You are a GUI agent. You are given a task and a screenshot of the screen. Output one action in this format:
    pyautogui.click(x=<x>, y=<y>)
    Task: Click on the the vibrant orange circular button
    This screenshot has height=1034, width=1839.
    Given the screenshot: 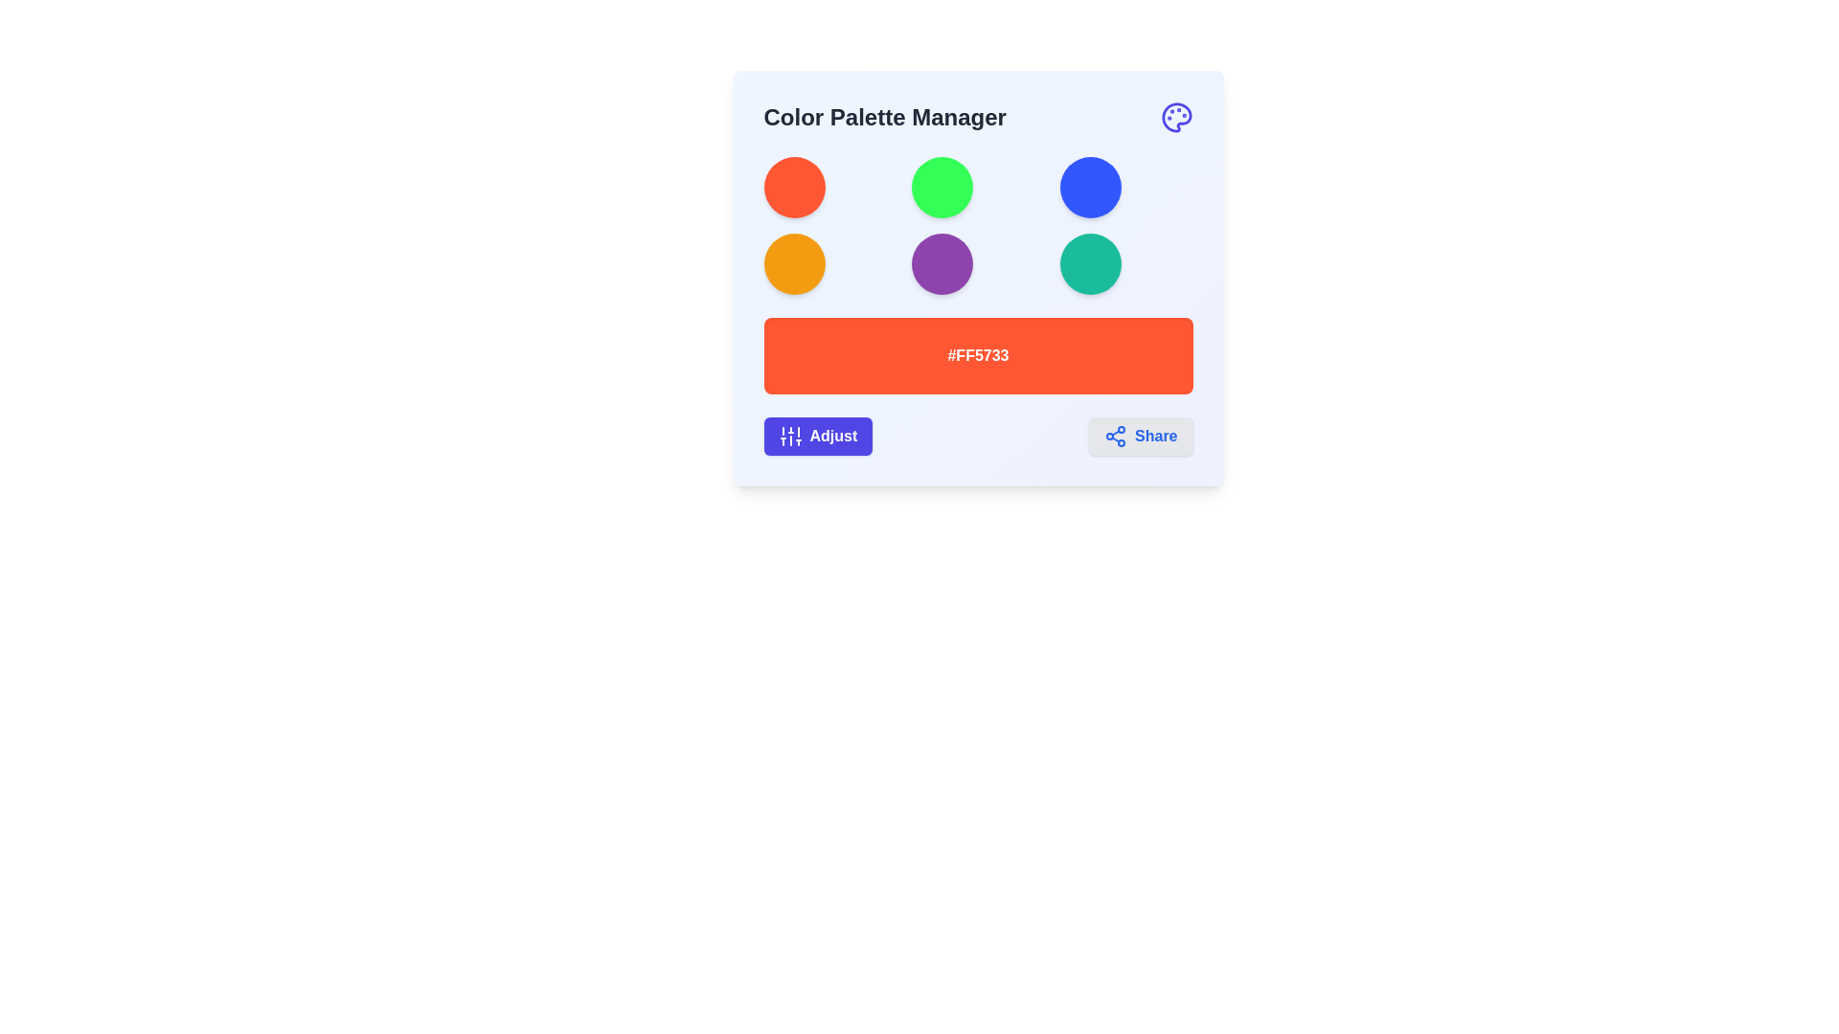 What is the action you would take?
    pyautogui.click(x=794, y=264)
    